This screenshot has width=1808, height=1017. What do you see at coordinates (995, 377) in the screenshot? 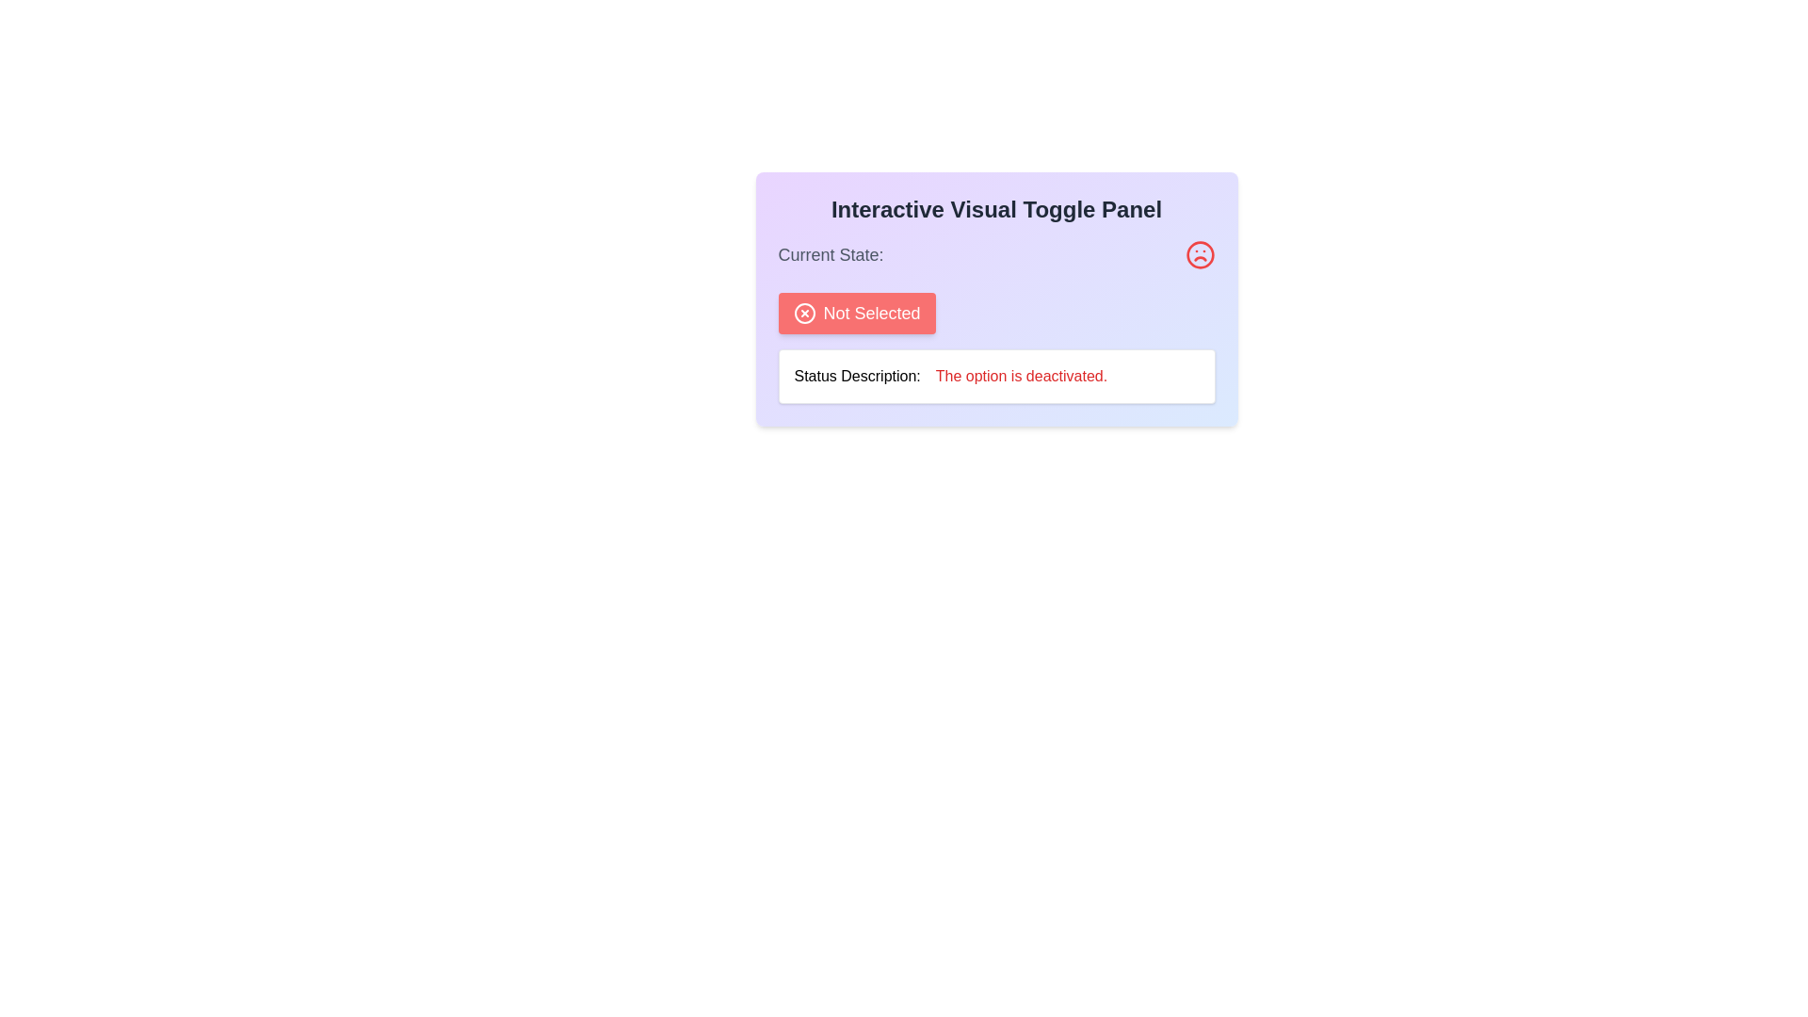
I see `the static informational text block displaying 'Status Description:' and 'The option is deactivated.' which has a white background and rounded corners` at bounding box center [995, 377].